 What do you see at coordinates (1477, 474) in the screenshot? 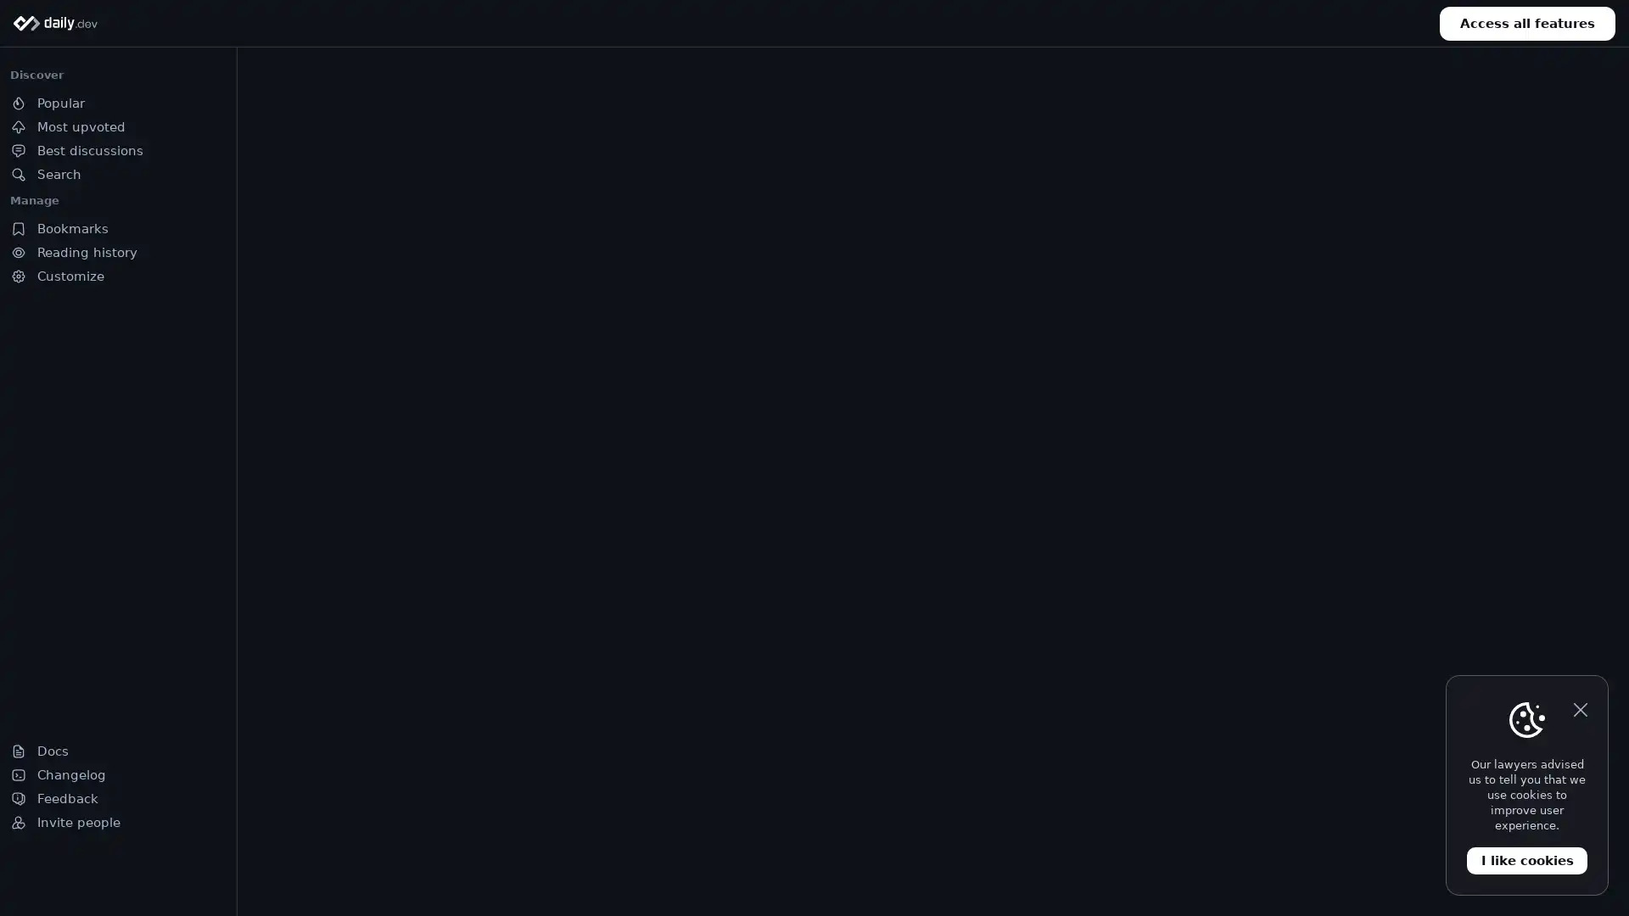
I see `Bookmark` at bounding box center [1477, 474].